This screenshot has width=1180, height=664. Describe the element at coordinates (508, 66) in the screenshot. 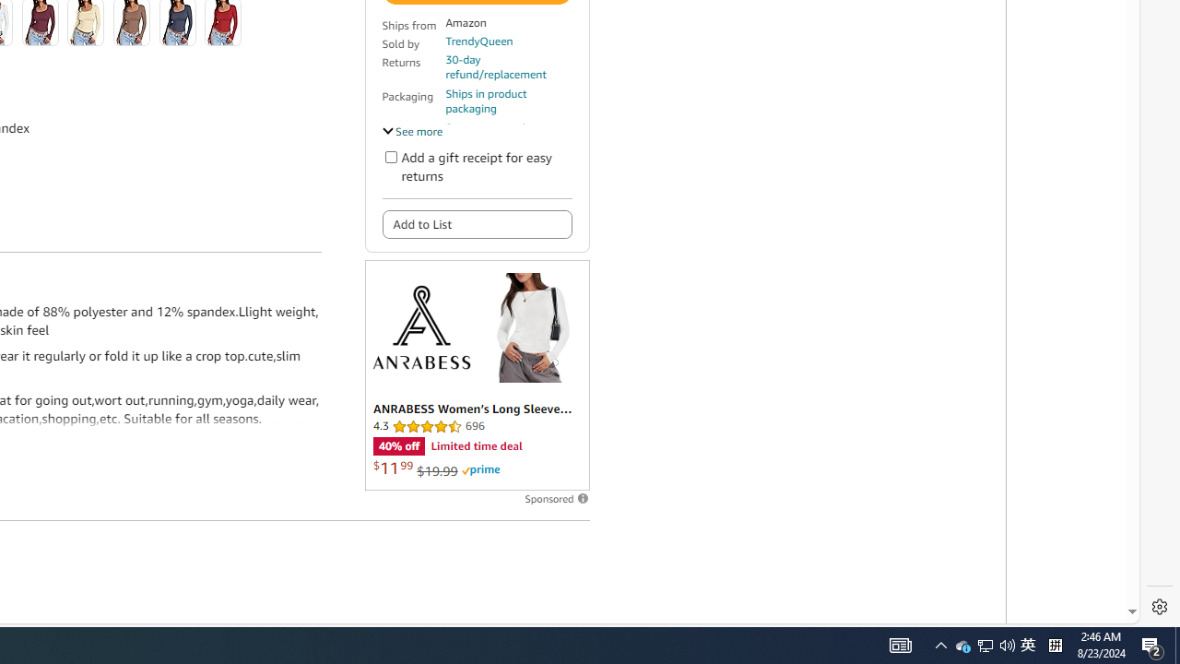

I see `'30-day refund/replacement'` at that location.